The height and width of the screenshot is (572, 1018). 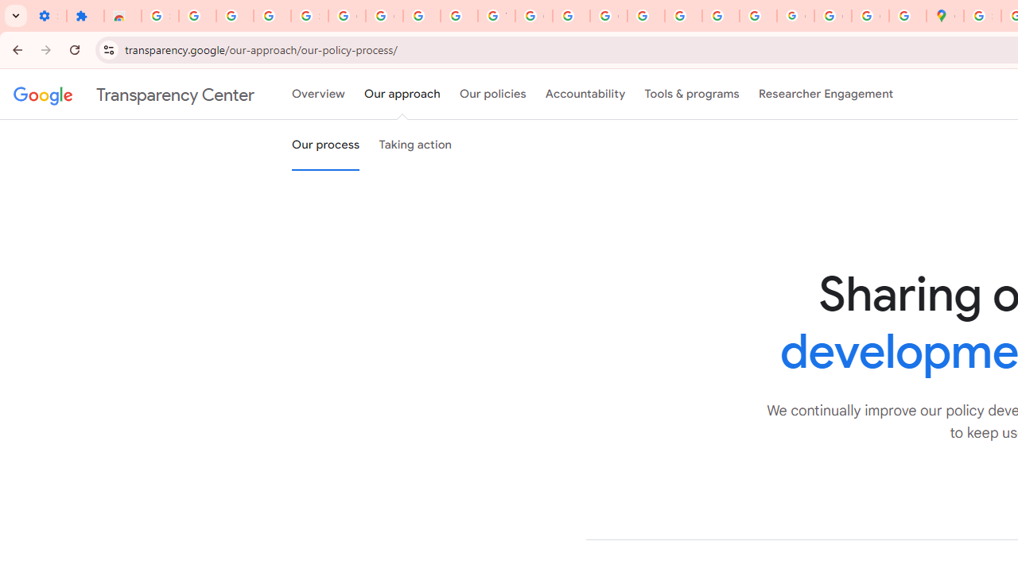 What do you see at coordinates (122, 16) in the screenshot?
I see `'Reviews: Helix Fruit Jump Arcade Game'` at bounding box center [122, 16].